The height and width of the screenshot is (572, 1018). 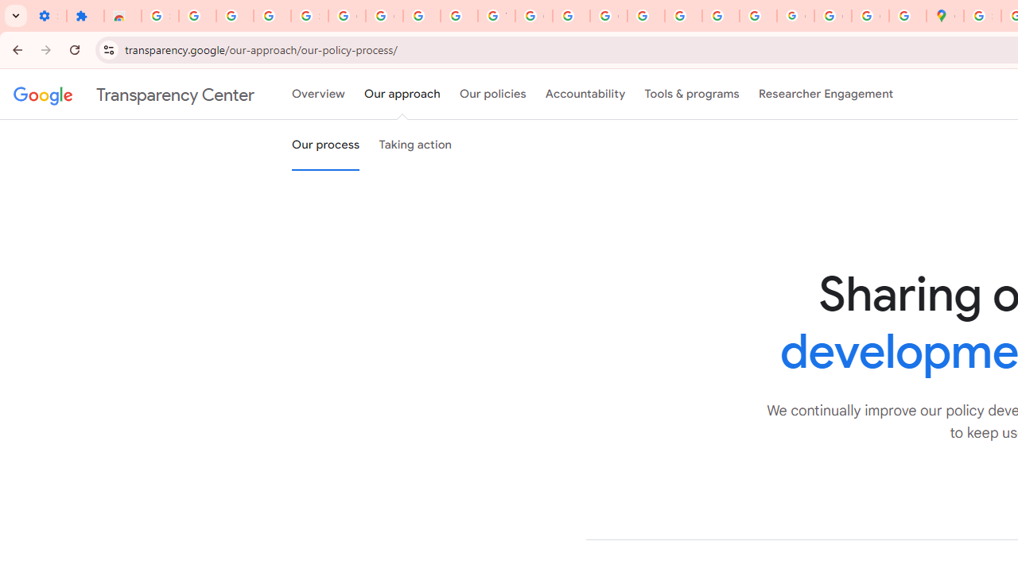 What do you see at coordinates (122, 16) in the screenshot?
I see `'Reviews: Helix Fruit Jump Arcade Game'` at bounding box center [122, 16].